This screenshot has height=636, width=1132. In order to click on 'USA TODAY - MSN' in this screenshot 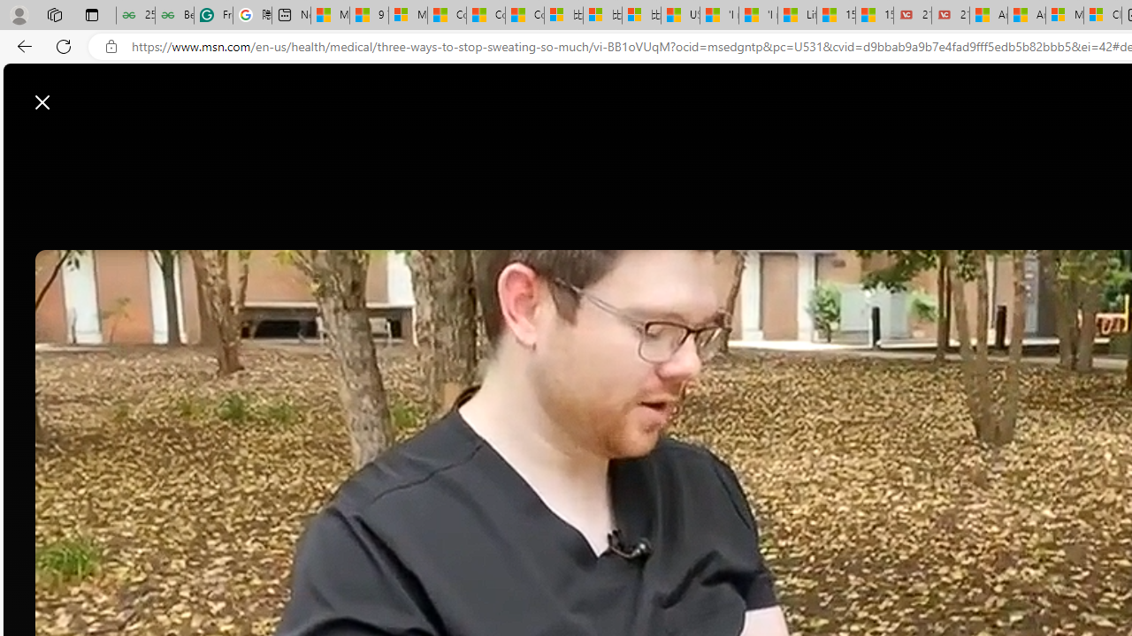, I will do `click(679, 15)`.